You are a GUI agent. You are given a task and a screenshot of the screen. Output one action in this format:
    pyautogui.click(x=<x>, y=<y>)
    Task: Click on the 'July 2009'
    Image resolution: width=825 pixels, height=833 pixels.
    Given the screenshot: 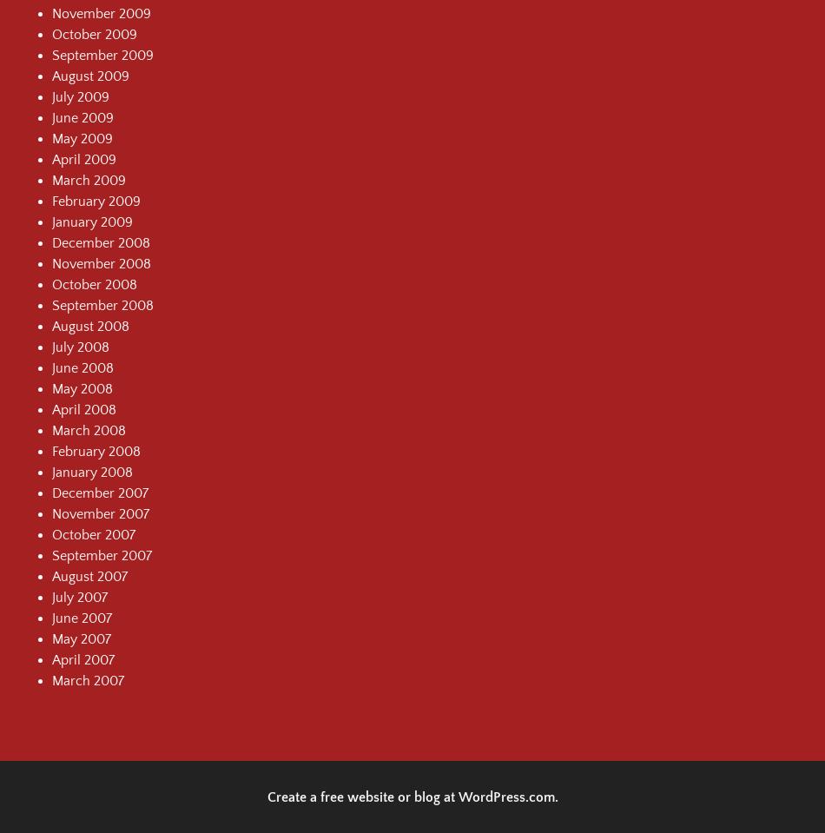 What is the action you would take?
    pyautogui.click(x=81, y=96)
    